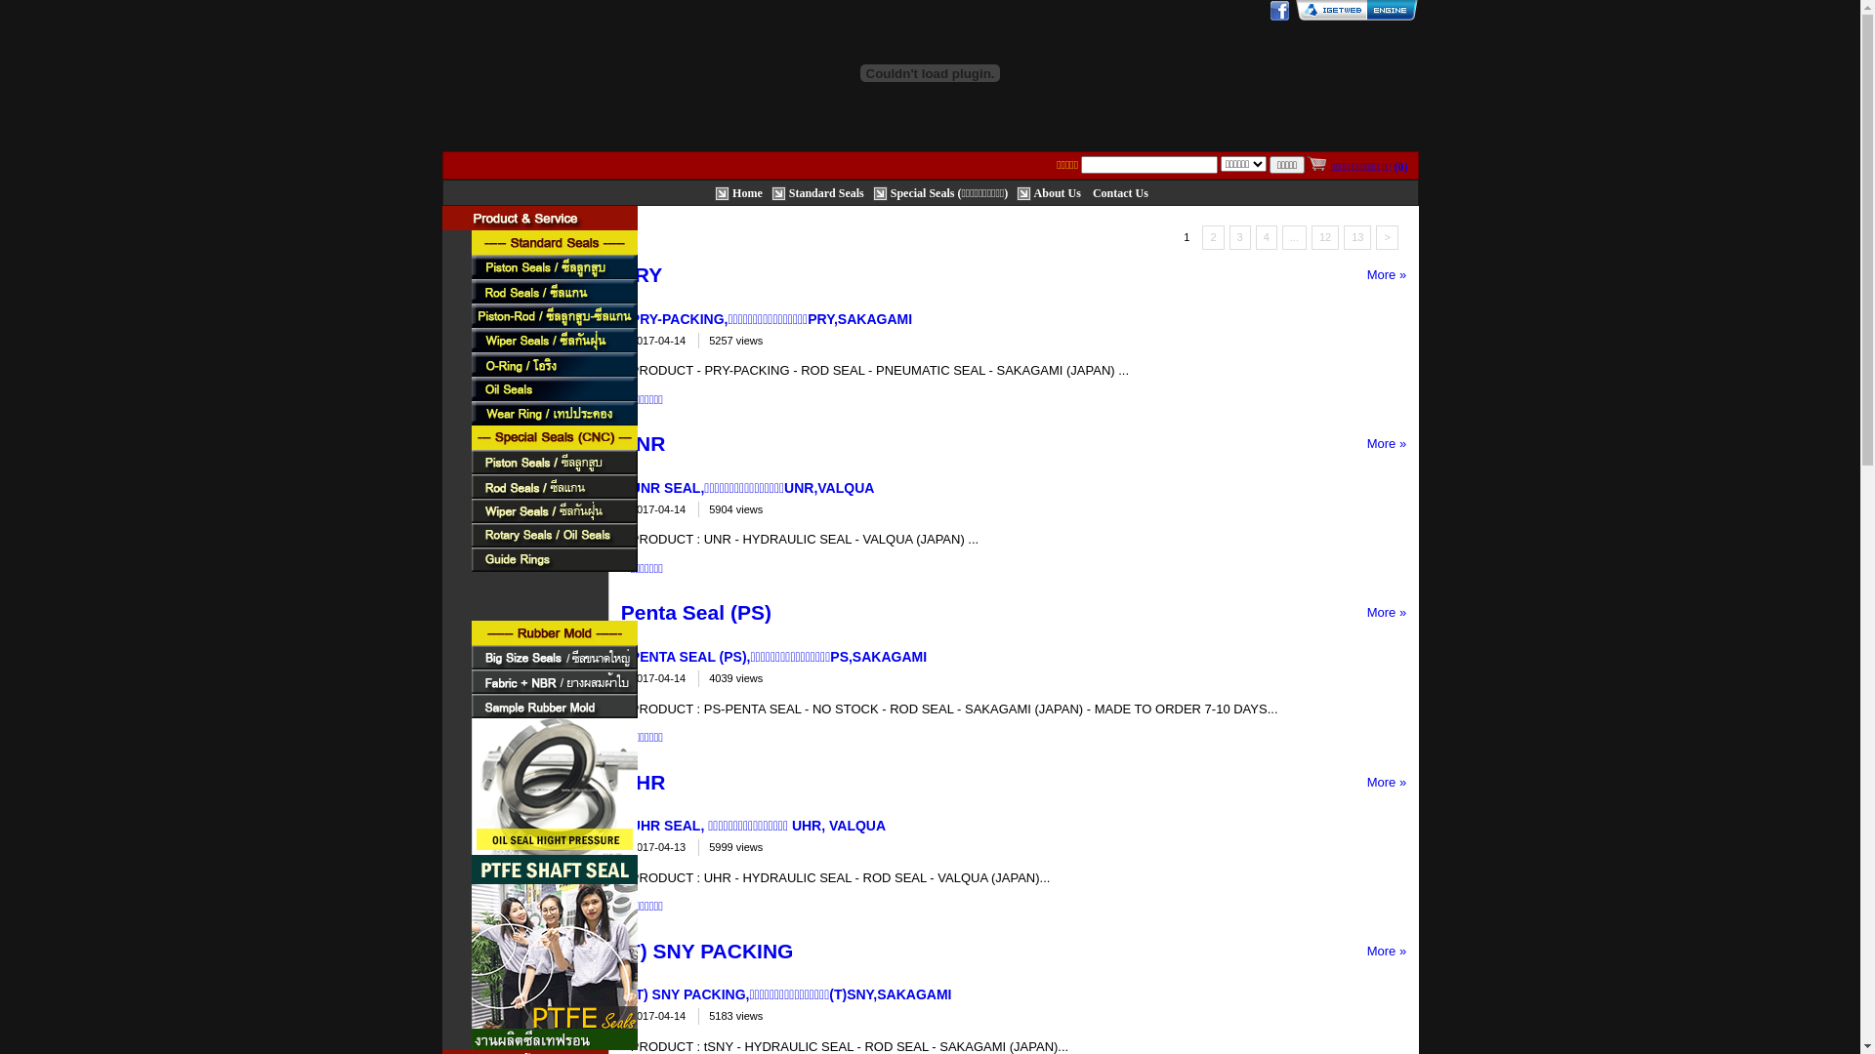 Image resolution: width=1875 pixels, height=1054 pixels. Describe the element at coordinates (1356, 236) in the screenshot. I see `'13'` at that location.